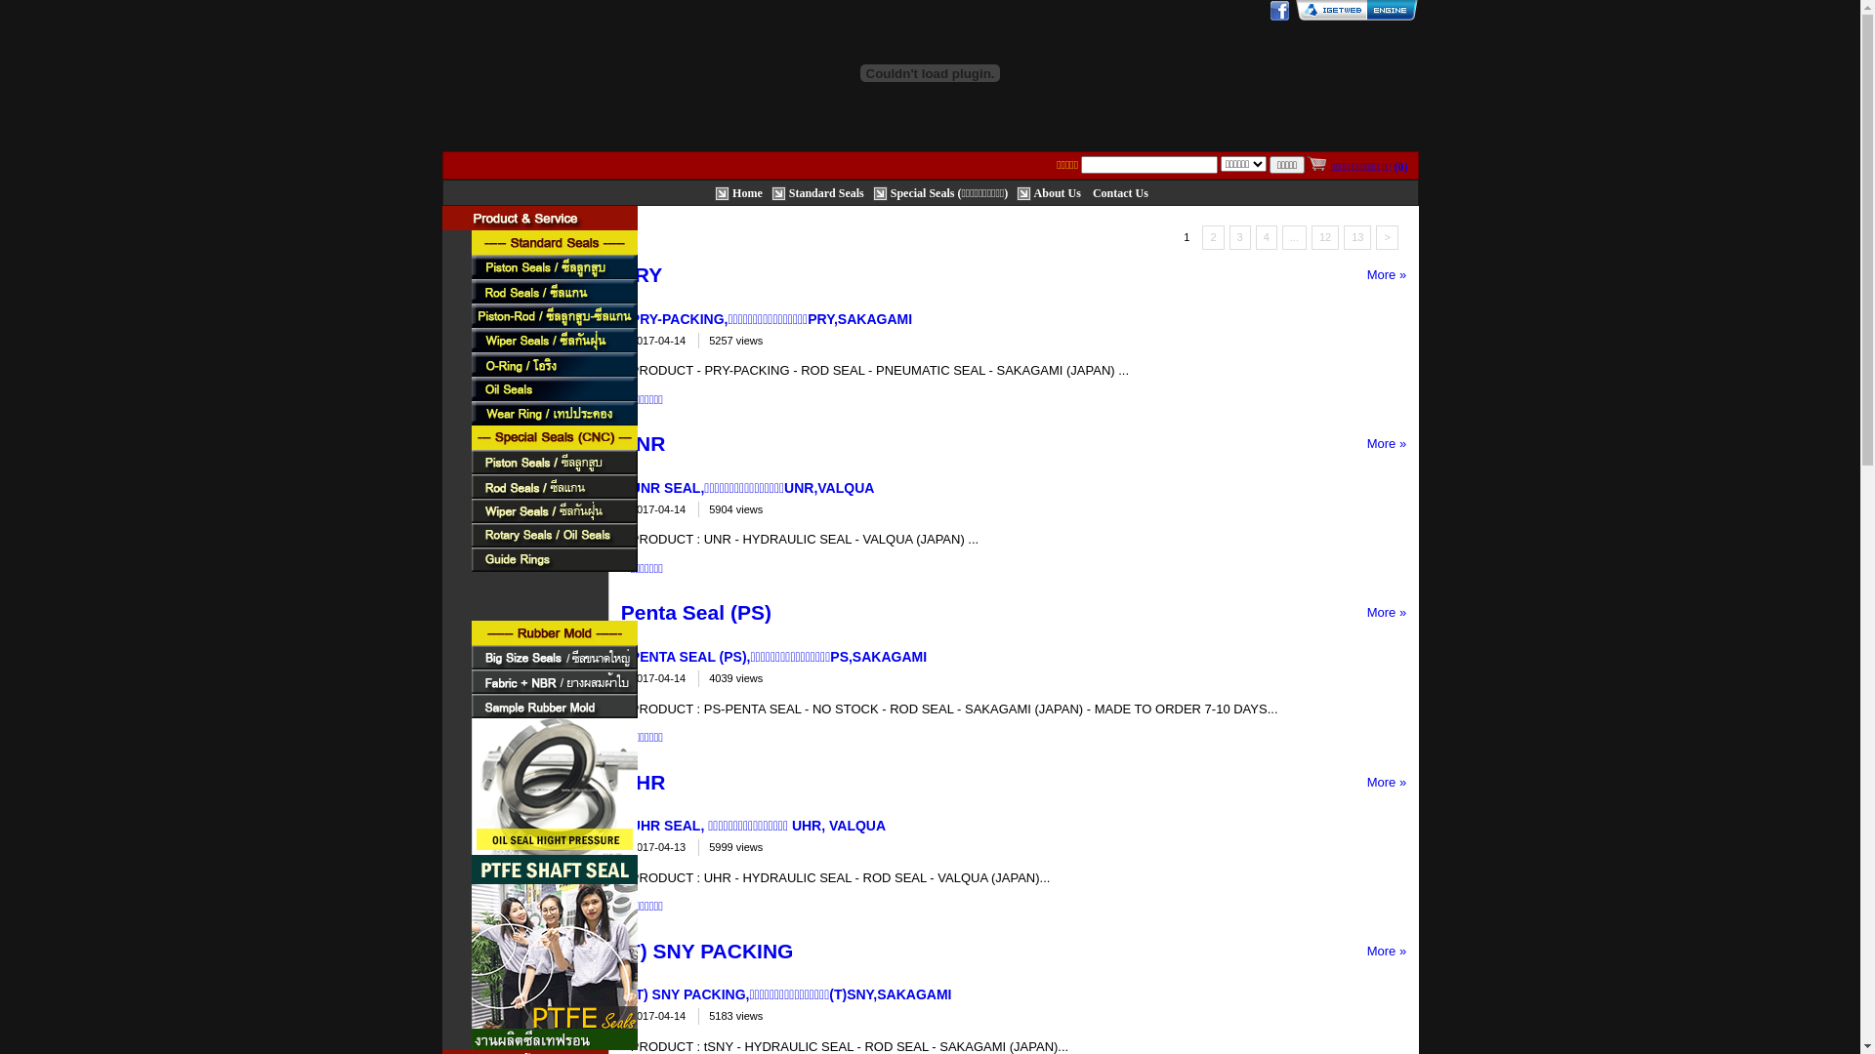 Image resolution: width=1875 pixels, height=1054 pixels. Describe the element at coordinates (1356, 236) in the screenshot. I see `'13'` at that location.